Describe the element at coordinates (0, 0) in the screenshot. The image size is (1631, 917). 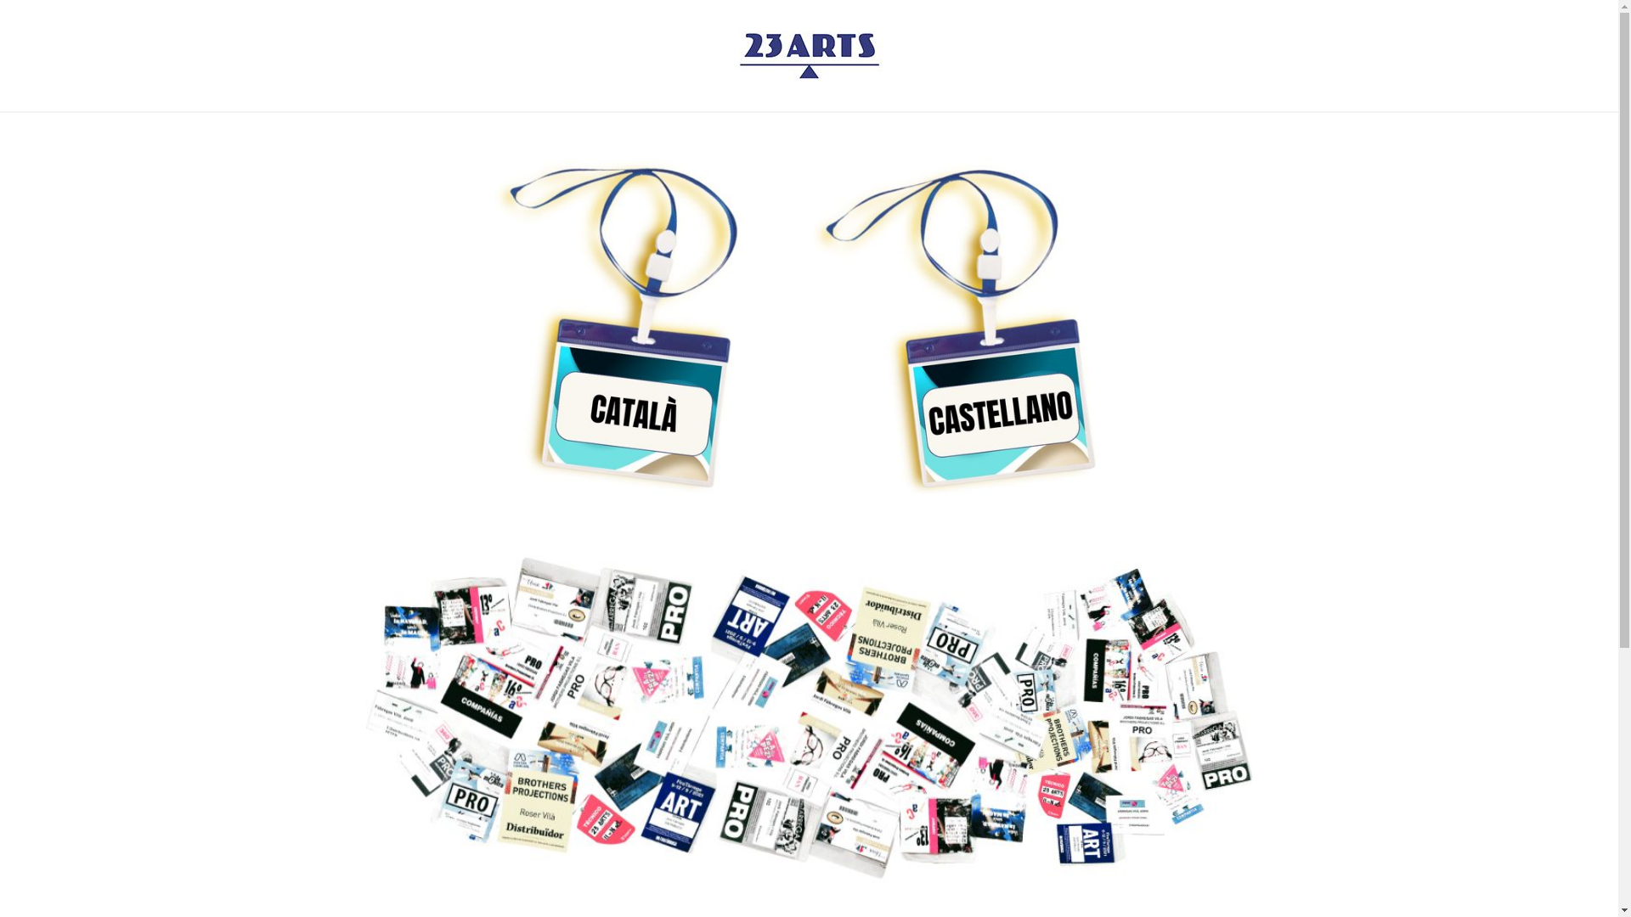
I see `'Saltar al contenido principal'` at that location.